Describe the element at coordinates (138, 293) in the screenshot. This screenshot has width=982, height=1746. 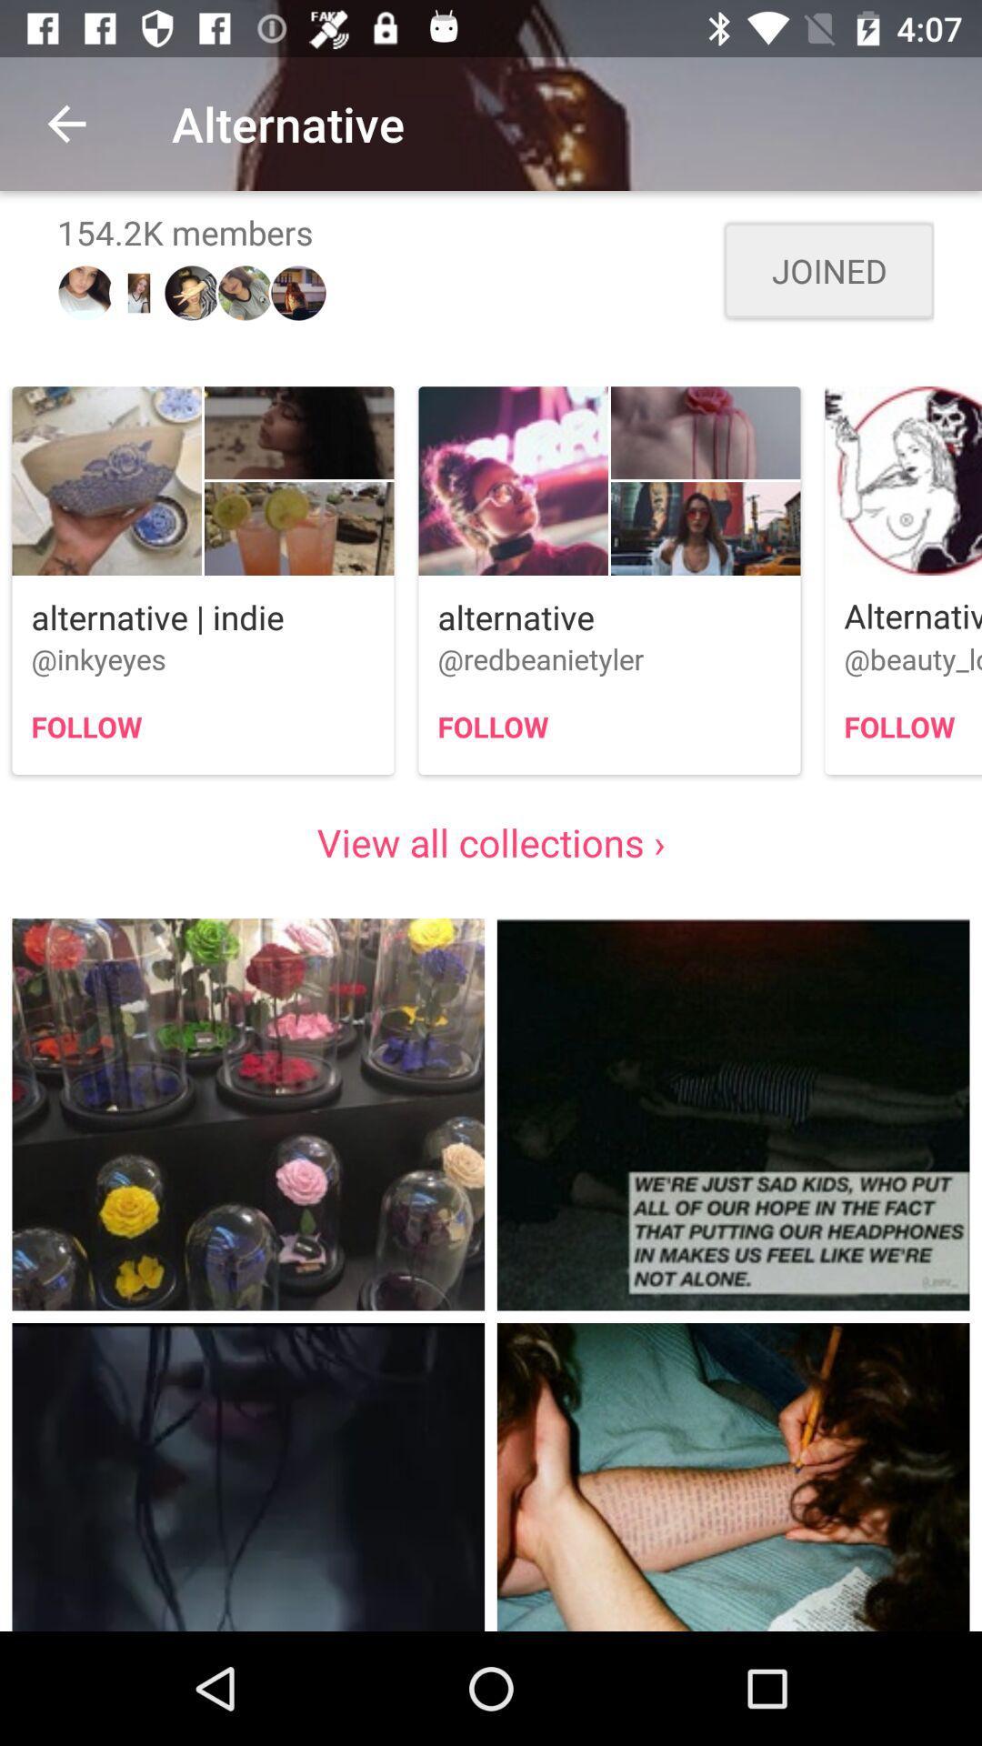
I see `the second image below 1542k members` at that location.